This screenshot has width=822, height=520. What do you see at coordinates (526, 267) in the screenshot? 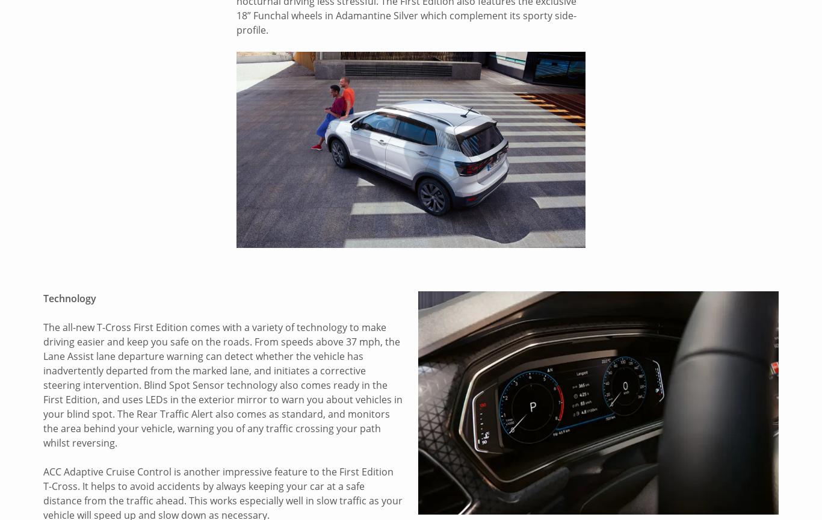
I see `'About Us'` at bounding box center [526, 267].